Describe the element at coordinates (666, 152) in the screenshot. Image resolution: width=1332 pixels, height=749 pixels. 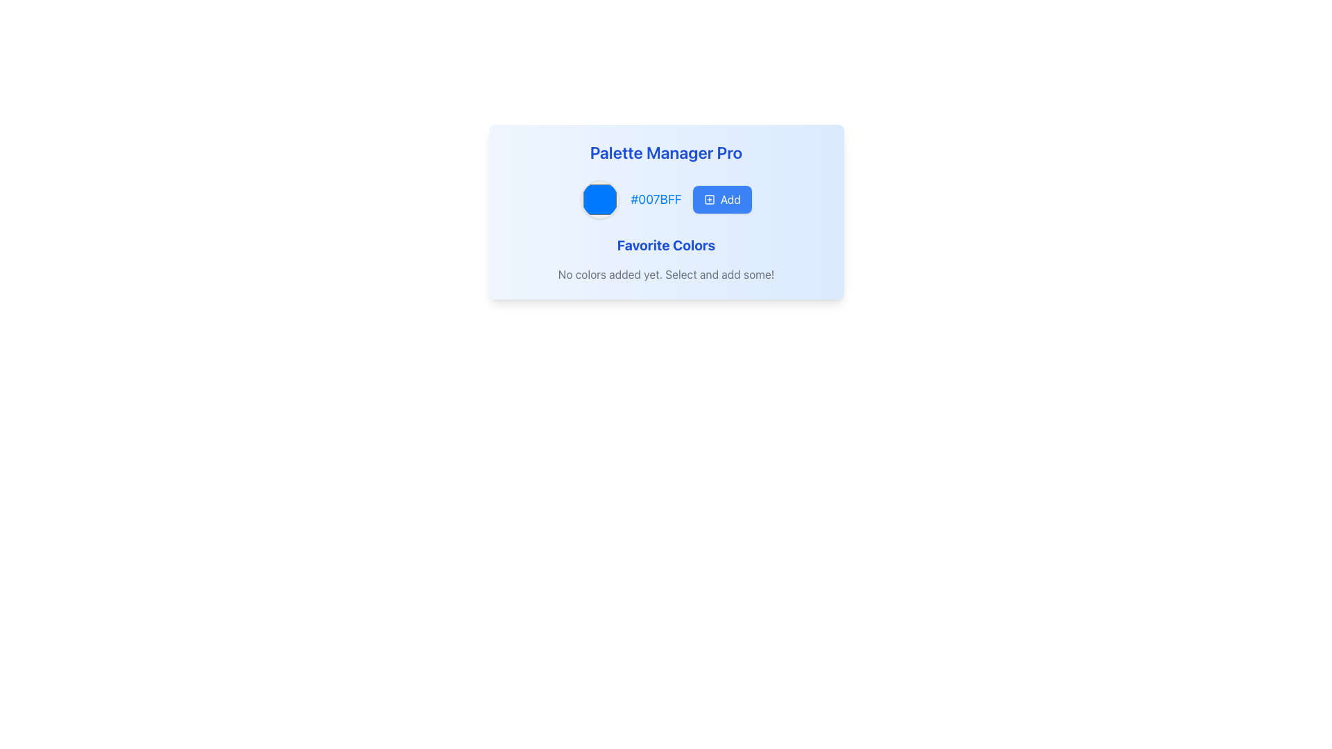
I see `title text that serves as the heading for the content within the rounded blue-gradient box, located at the top center of the card layout` at that location.